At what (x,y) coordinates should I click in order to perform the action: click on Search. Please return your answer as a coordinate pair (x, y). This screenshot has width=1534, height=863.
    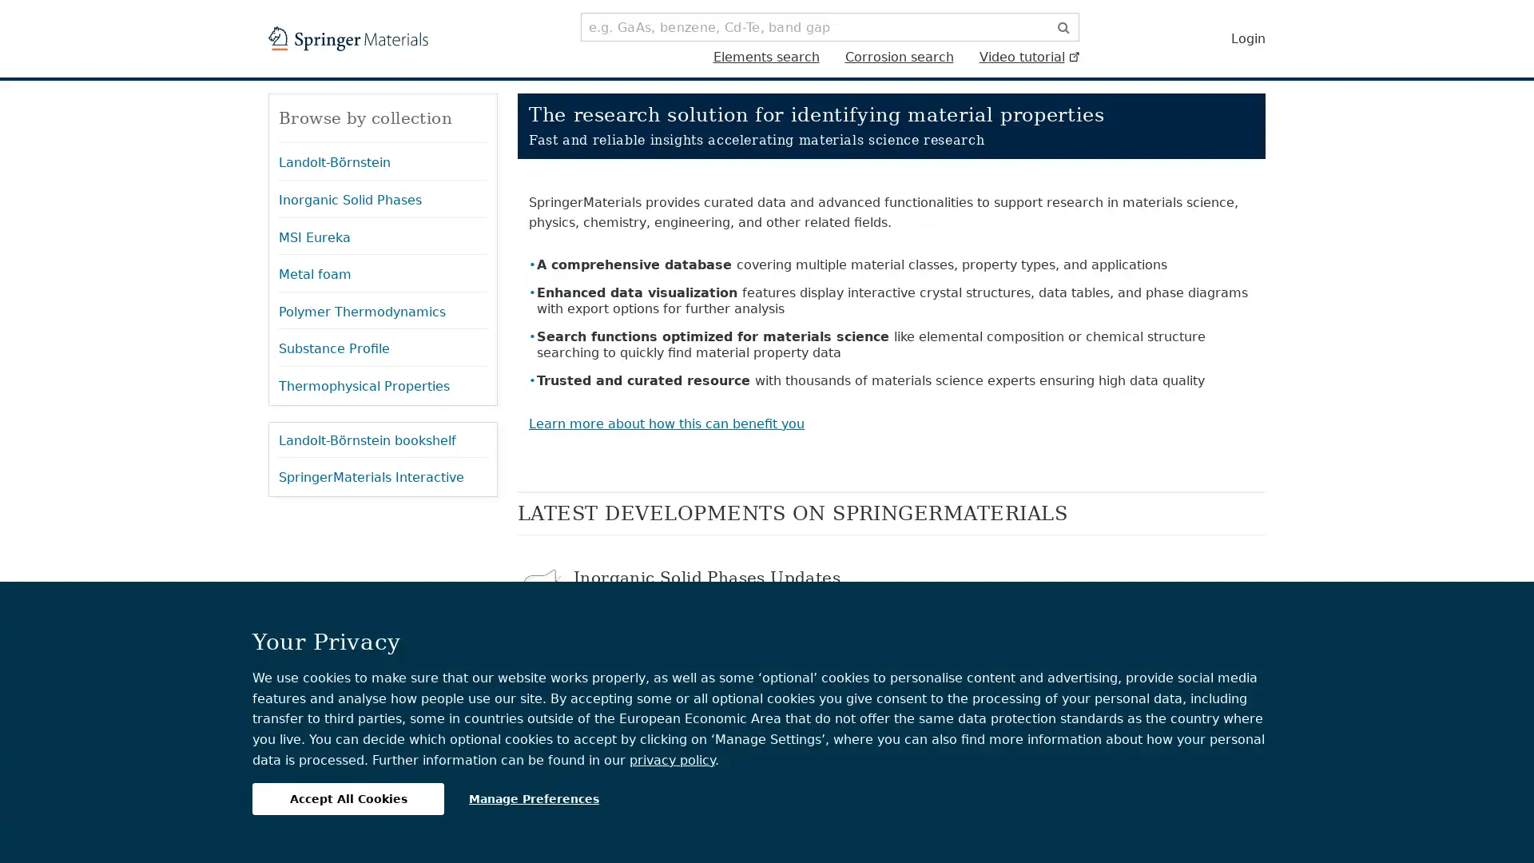
    Looking at the image, I should click on (1063, 27).